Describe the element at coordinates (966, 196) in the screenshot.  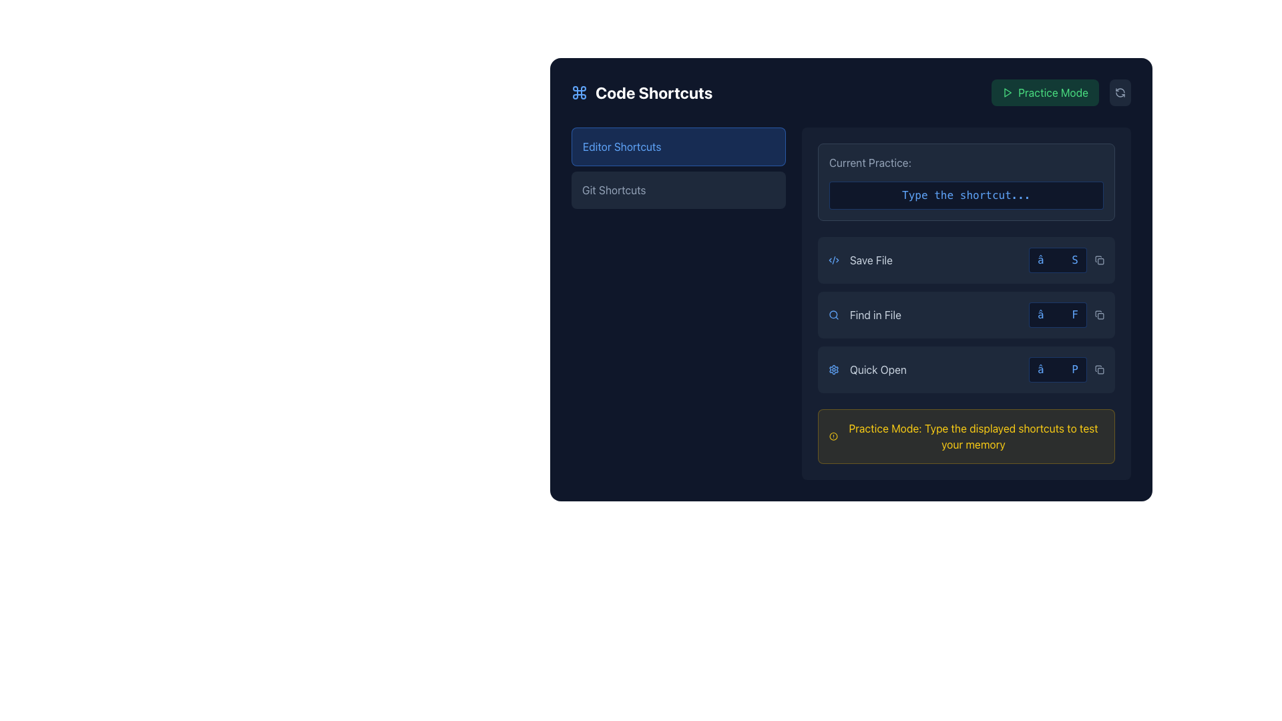
I see `the text field with placeholder 'Type the shortcut...'` at that location.